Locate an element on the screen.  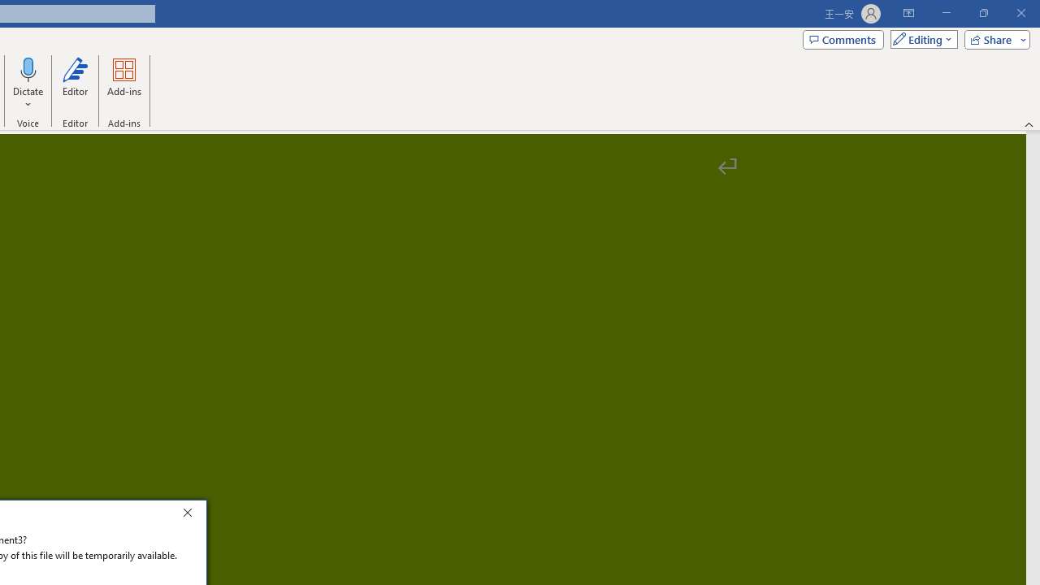
'Restore Down' is located at coordinates (982, 13).